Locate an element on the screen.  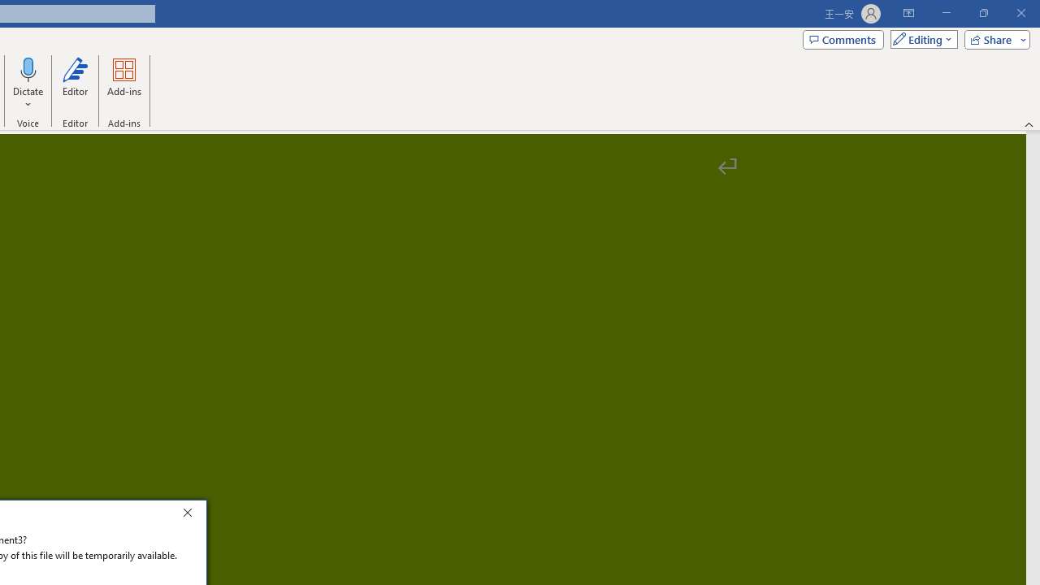
'Restore Down' is located at coordinates (982, 13).